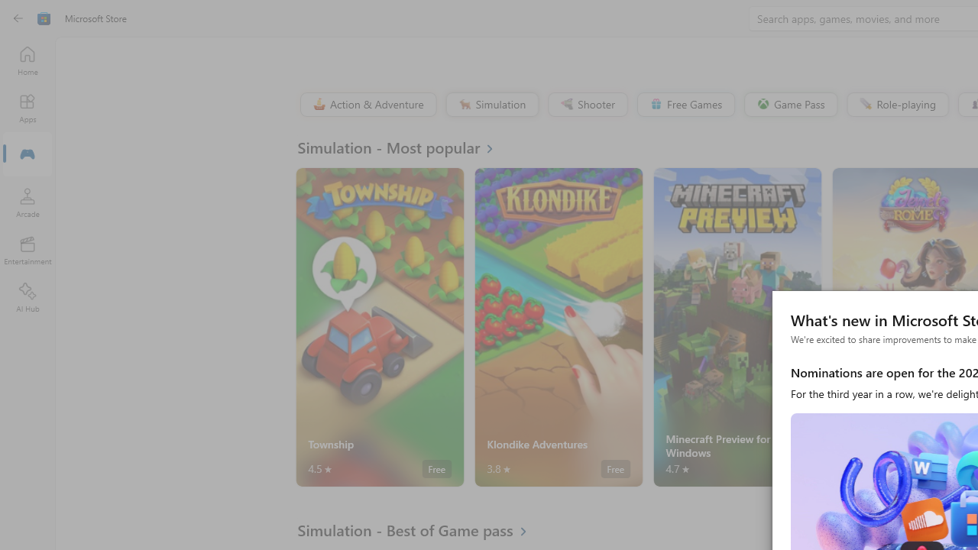  What do you see at coordinates (380, 326) in the screenshot?
I see `'Township. Average rating of 4.5 out of five stars. Free  '` at bounding box center [380, 326].